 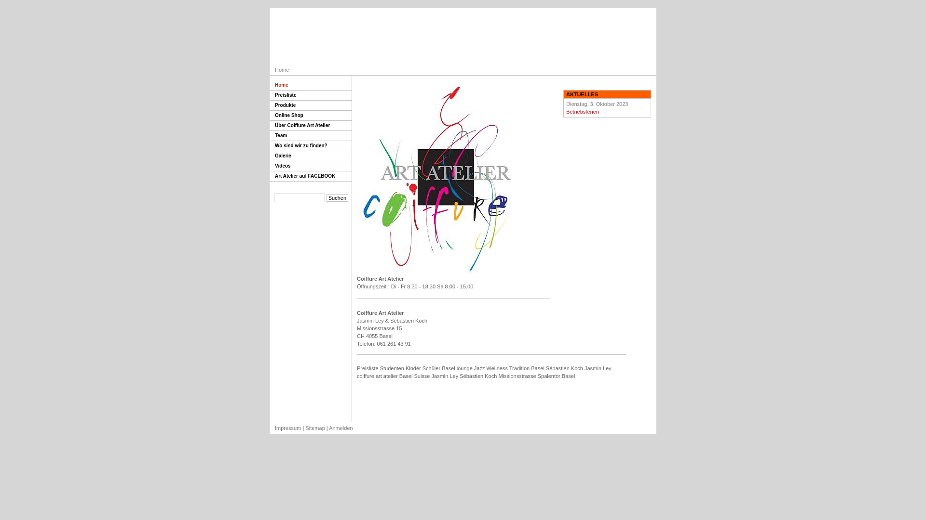 I want to click on 'Preisliste', so click(x=270, y=95).